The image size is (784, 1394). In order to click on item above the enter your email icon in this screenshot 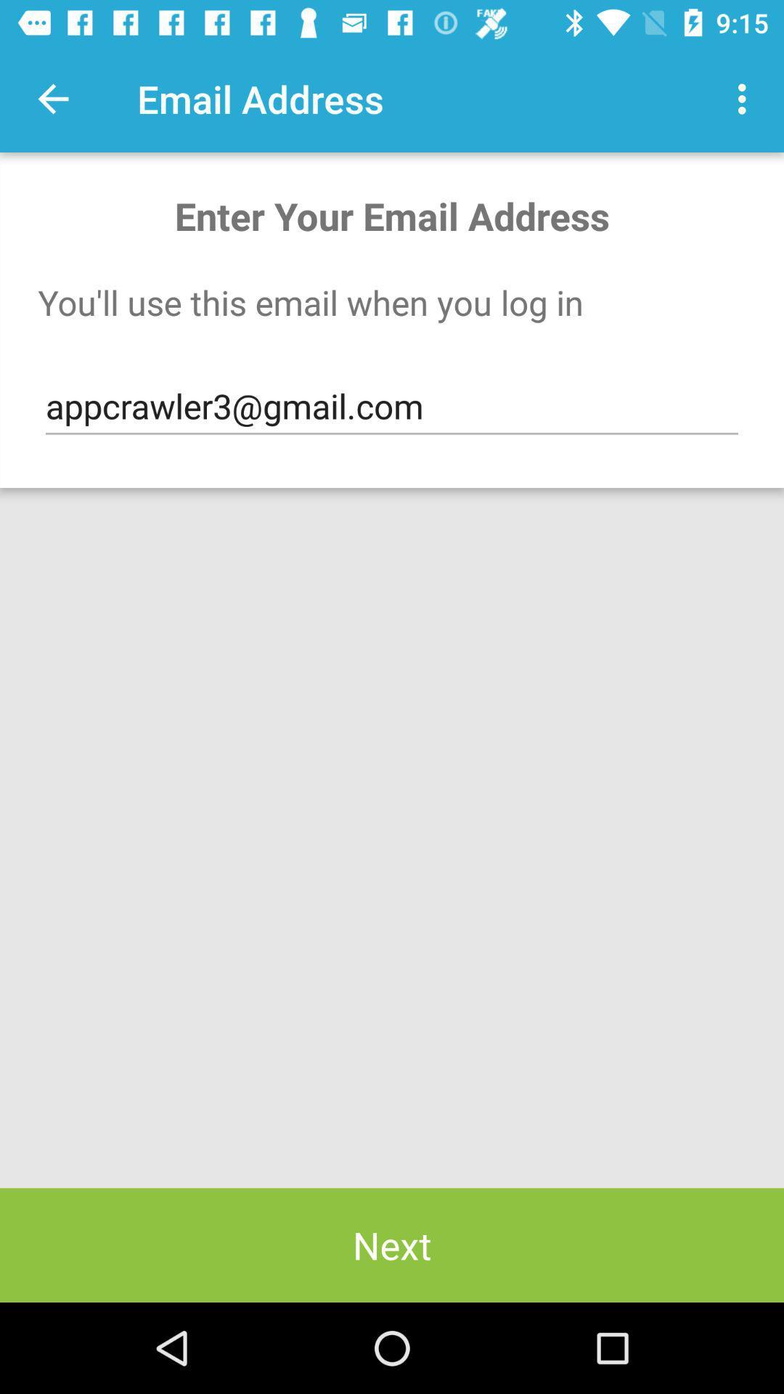, I will do `click(746, 98)`.